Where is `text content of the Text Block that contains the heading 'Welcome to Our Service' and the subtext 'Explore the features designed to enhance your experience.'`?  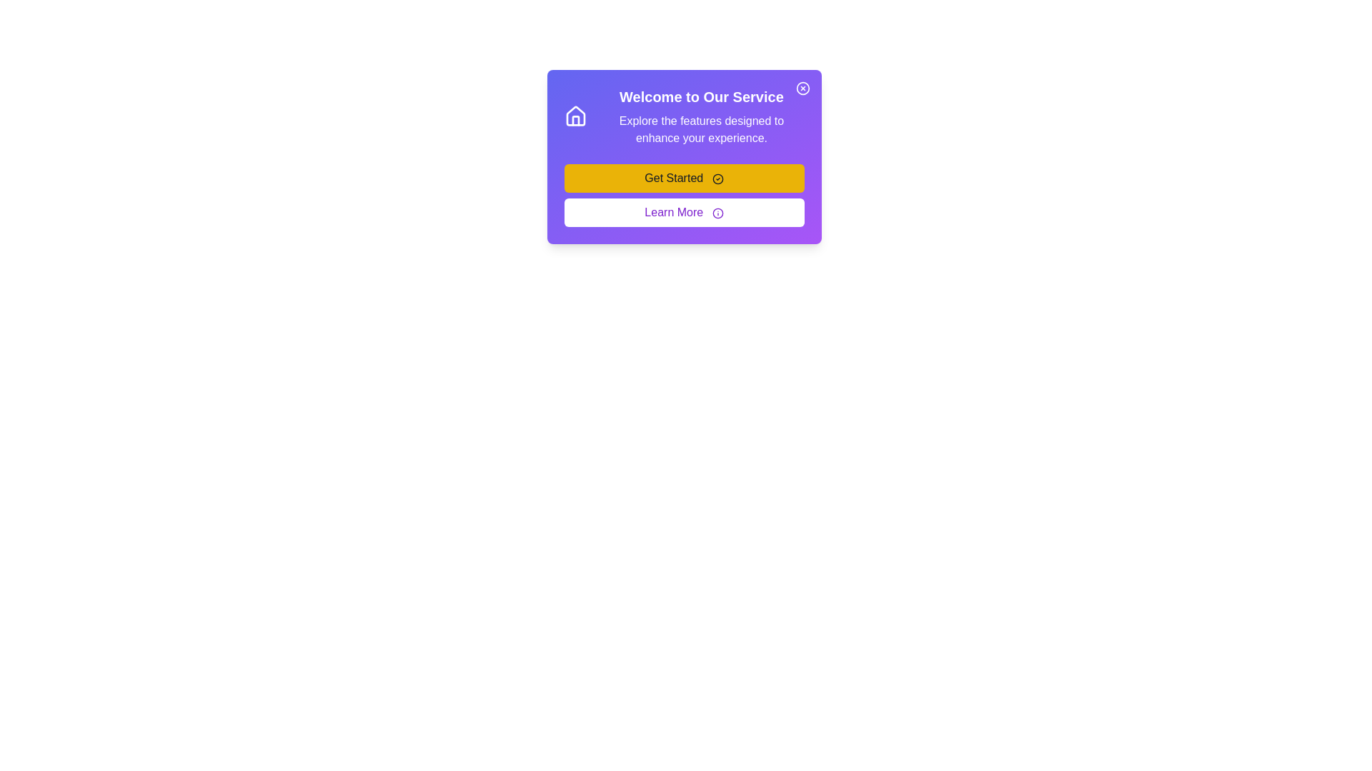
text content of the Text Block that contains the heading 'Welcome to Our Service' and the subtext 'Explore the features designed to enhance your experience.' is located at coordinates (701, 116).